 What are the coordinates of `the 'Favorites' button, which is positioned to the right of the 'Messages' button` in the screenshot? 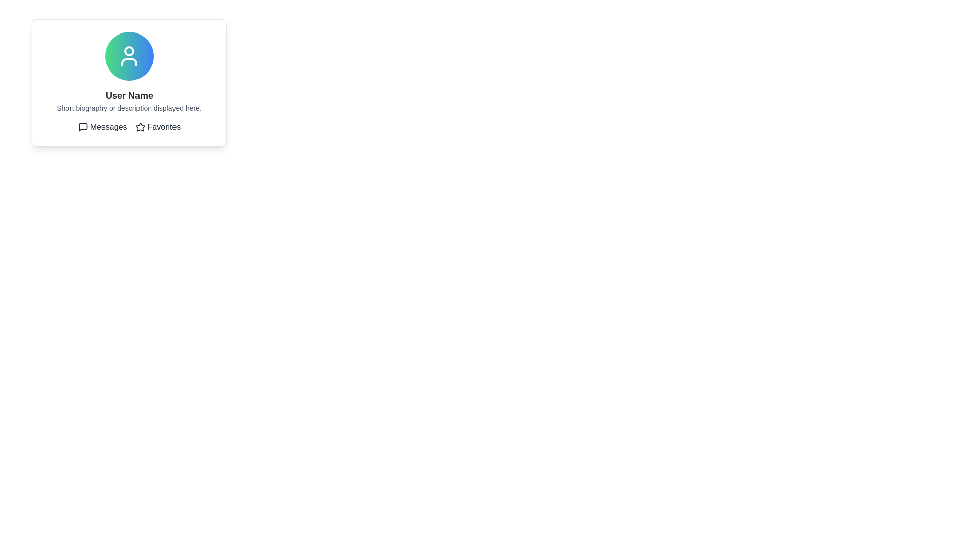 It's located at (157, 126).